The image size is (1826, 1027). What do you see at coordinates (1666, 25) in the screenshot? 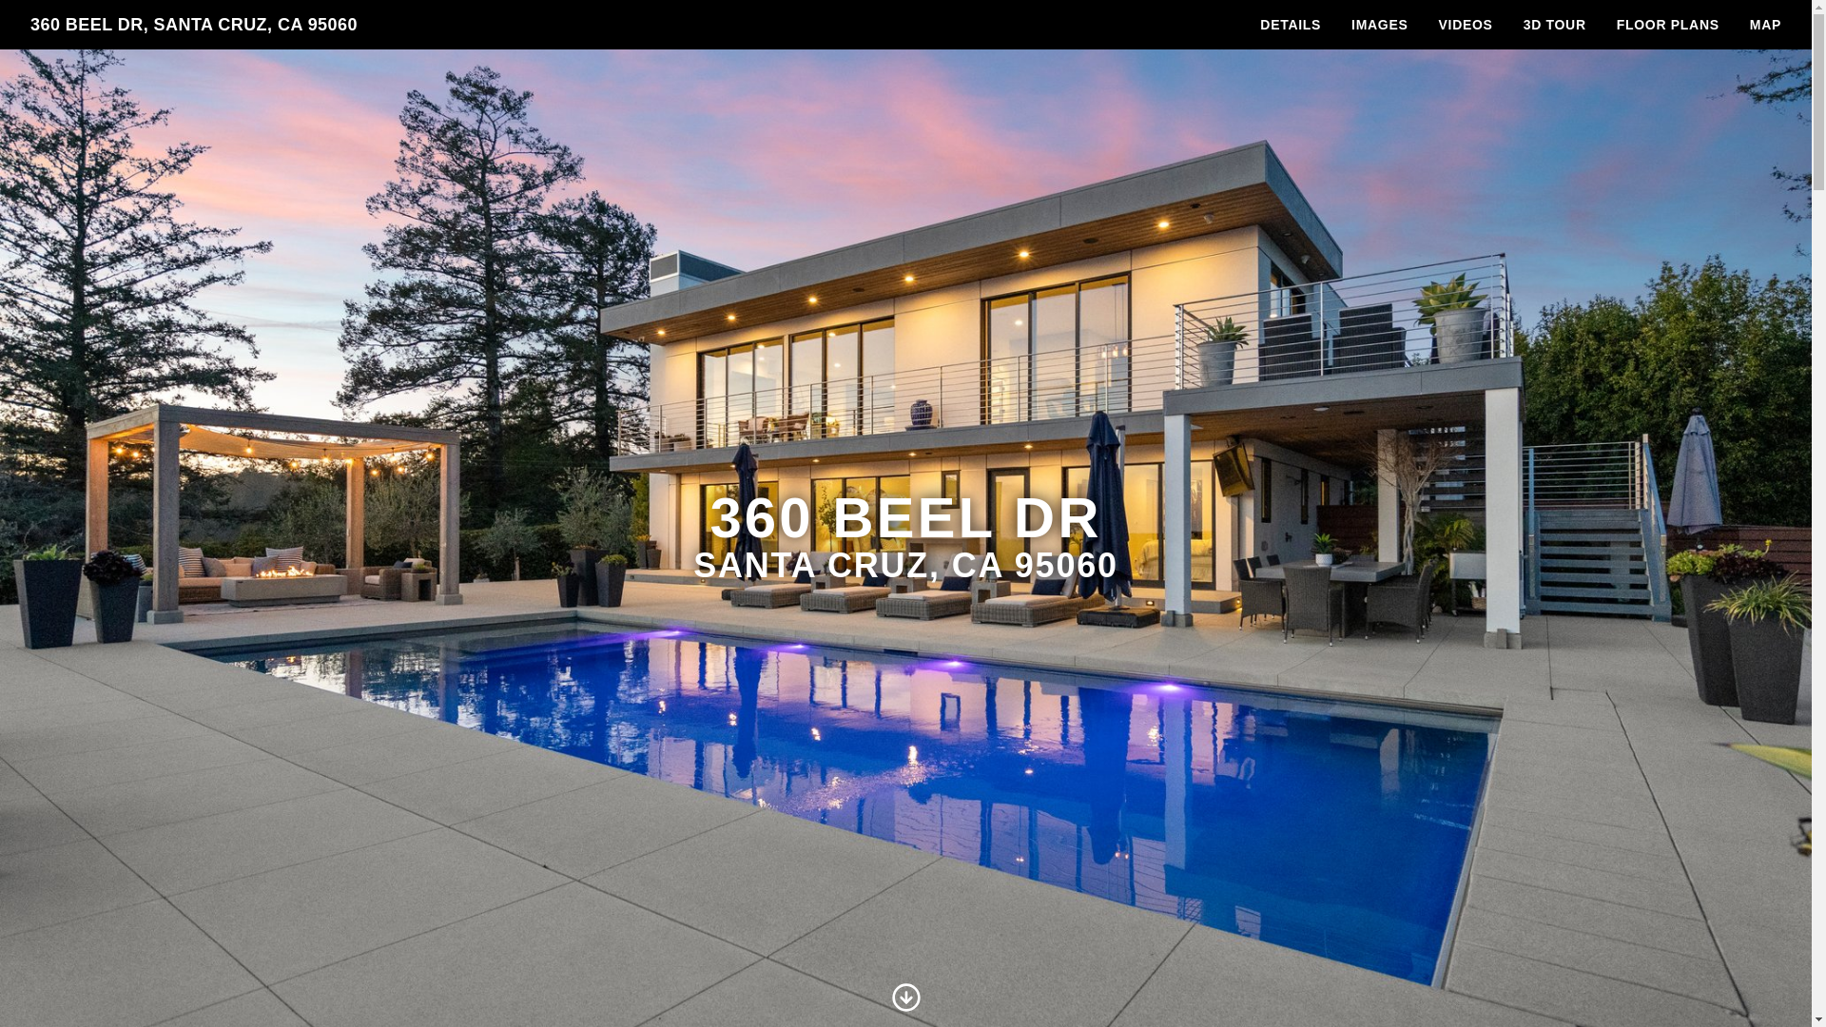
I see `'FLOOR PLANS'` at bounding box center [1666, 25].